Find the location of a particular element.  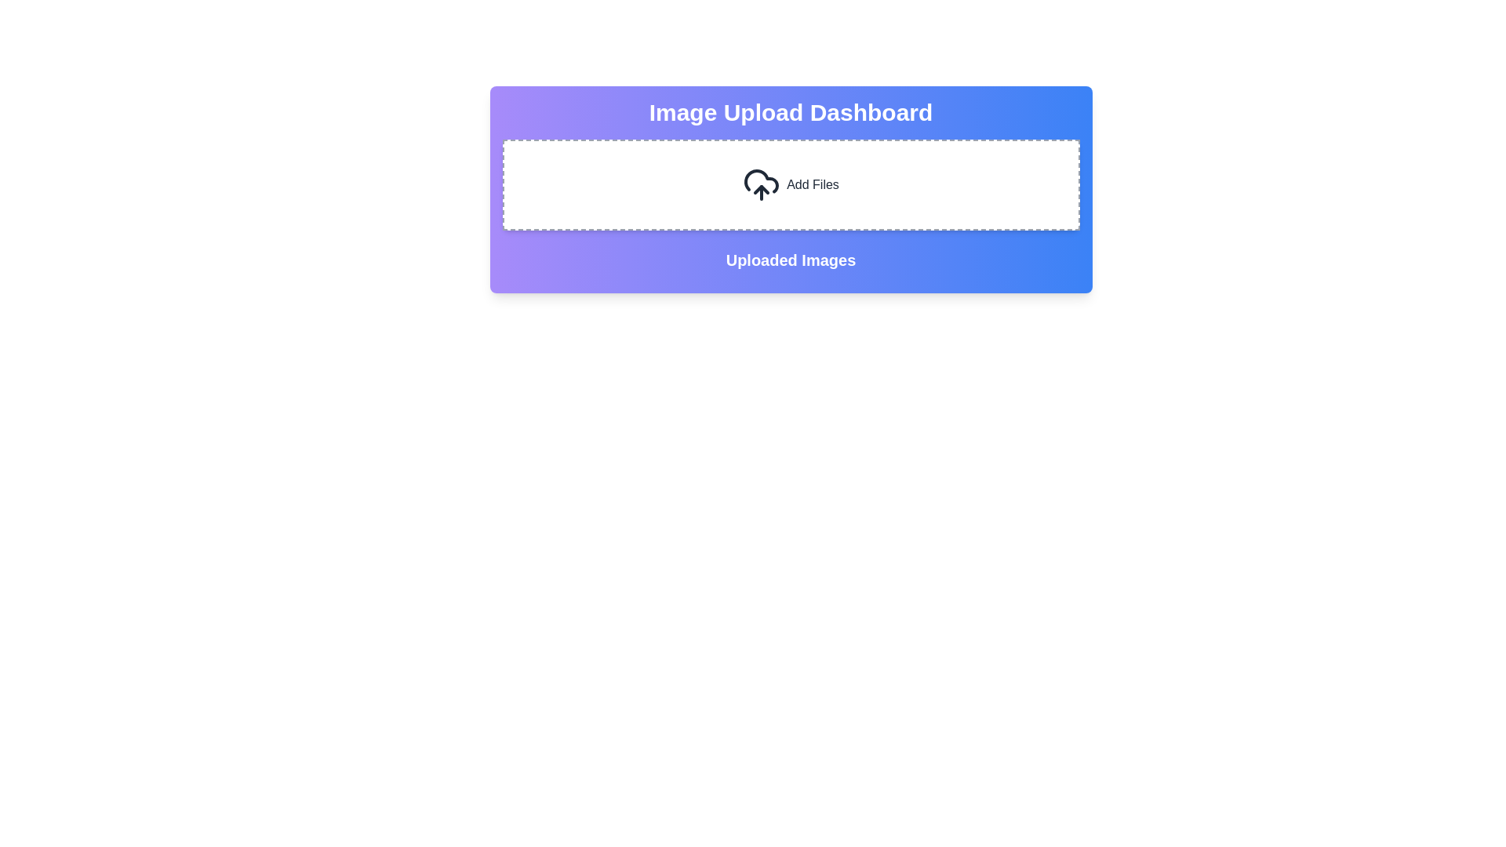

the Text element functioning as a header, which indicates the section for uploaded images, located centrally at the bottom of the card interface, below the 'Add Files' upload section is located at coordinates (791, 259).